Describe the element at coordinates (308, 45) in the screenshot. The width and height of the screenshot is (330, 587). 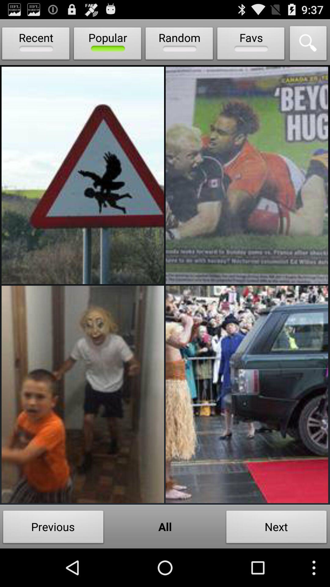
I see `search feature` at that location.